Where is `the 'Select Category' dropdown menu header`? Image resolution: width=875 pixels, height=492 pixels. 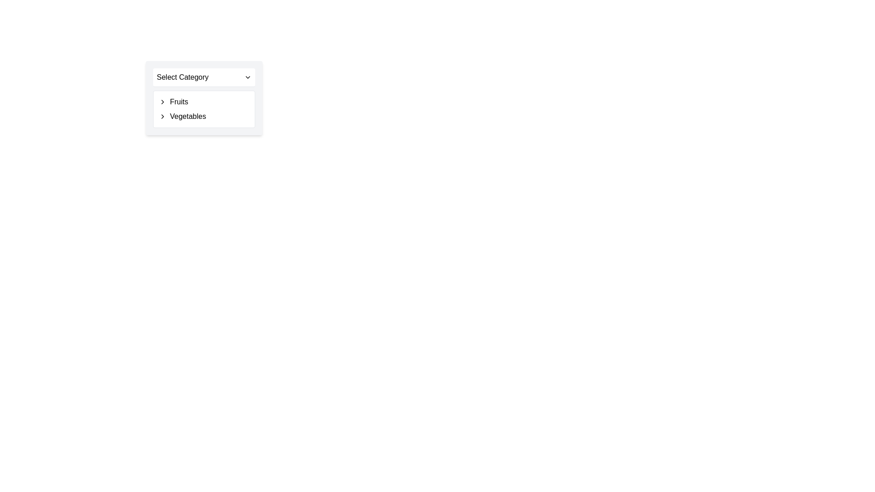
the 'Select Category' dropdown menu header is located at coordinates (203, 77).